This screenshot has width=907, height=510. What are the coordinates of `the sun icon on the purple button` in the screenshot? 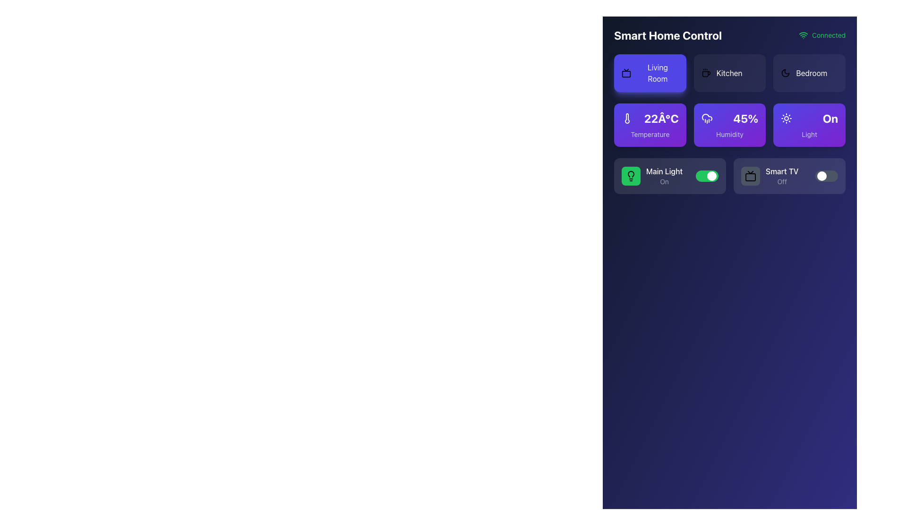 It's located at (787, 118).